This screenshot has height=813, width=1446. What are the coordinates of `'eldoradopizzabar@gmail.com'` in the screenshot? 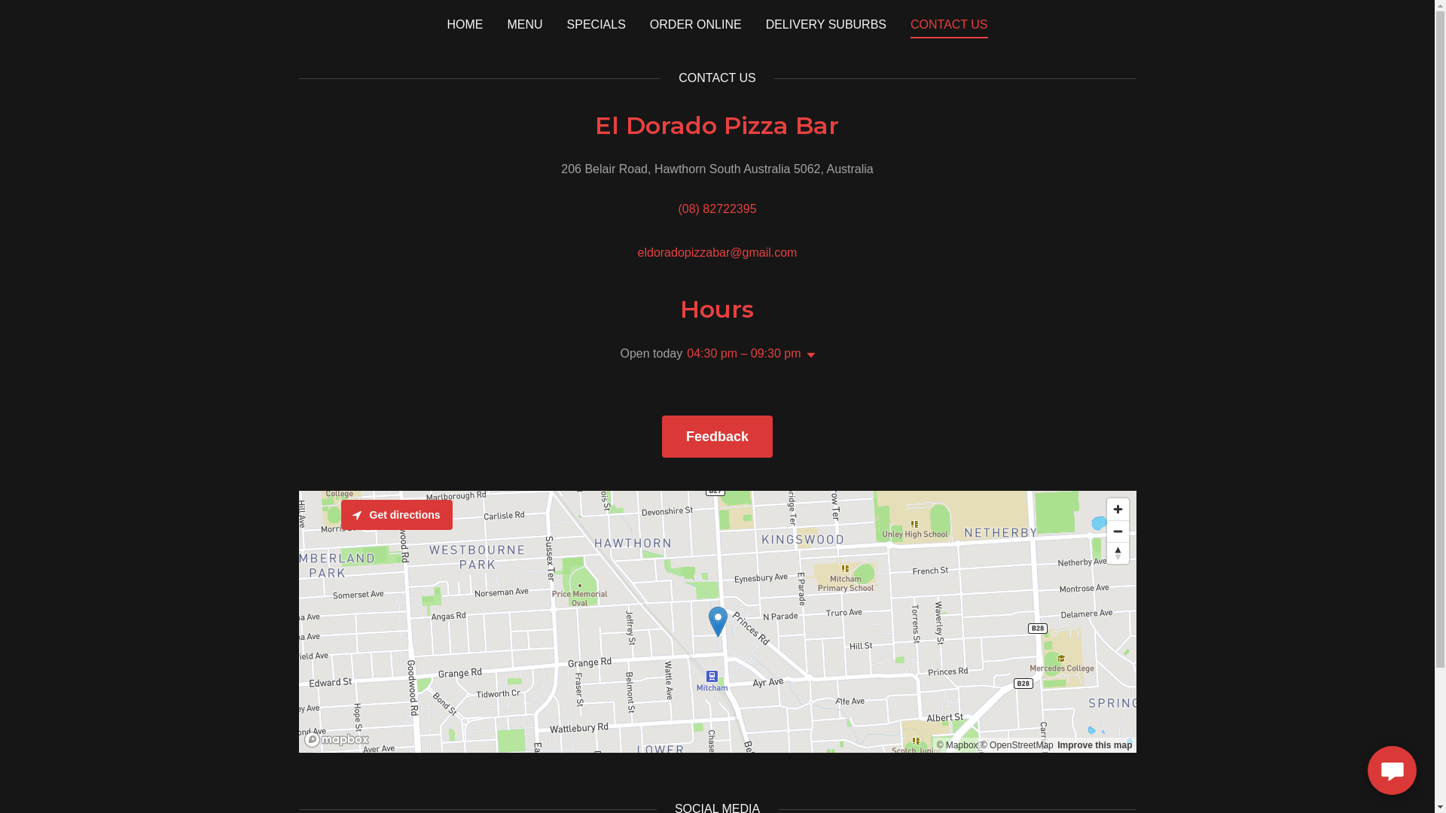 It's located at (637, 251).